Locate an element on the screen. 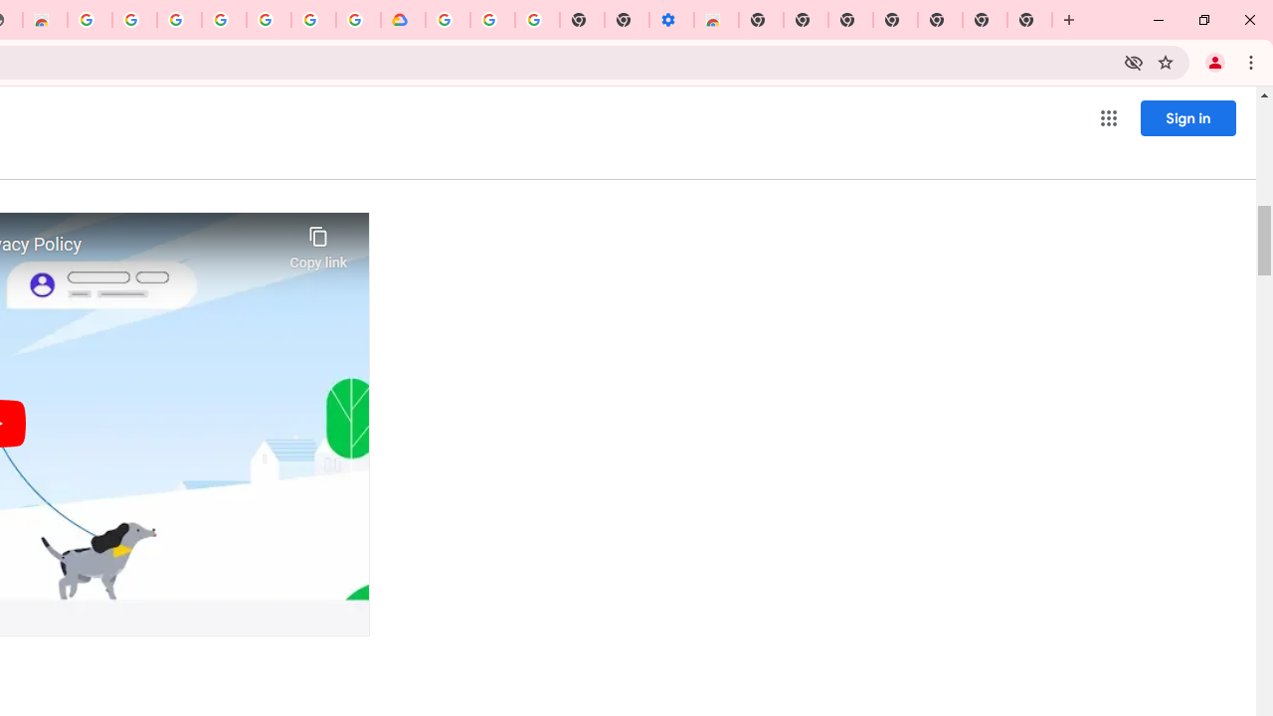 The height and width of the screenshot is (716, 1273). 'Turn cookies on or off - Computer - Google Account Help' is located at coordinates (537, 20).